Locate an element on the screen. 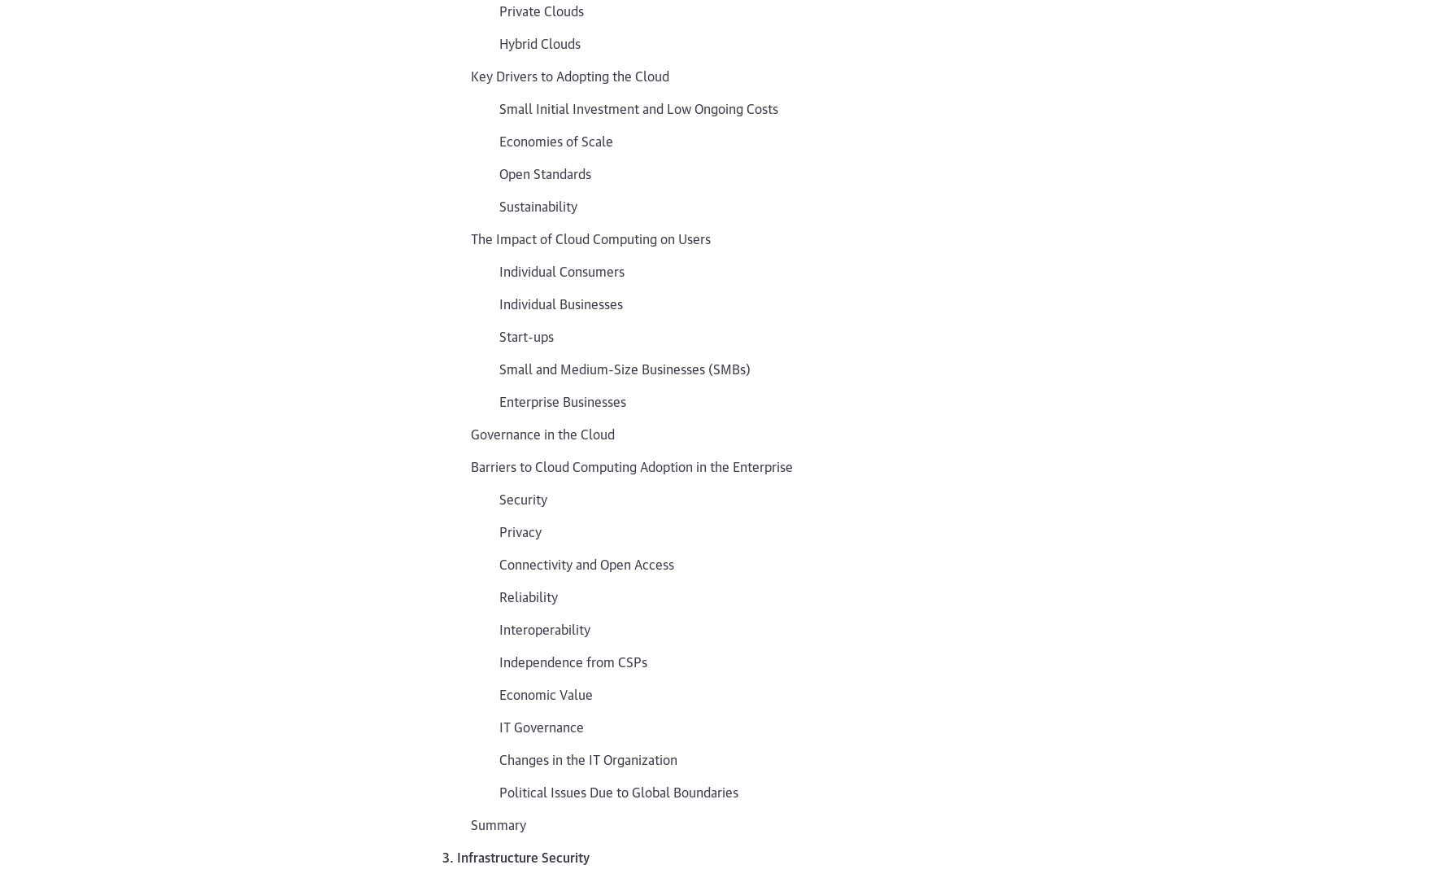 The width and height of the screenshot is (1450, 878). 'Reliability' is located at coordinates (529, 594).